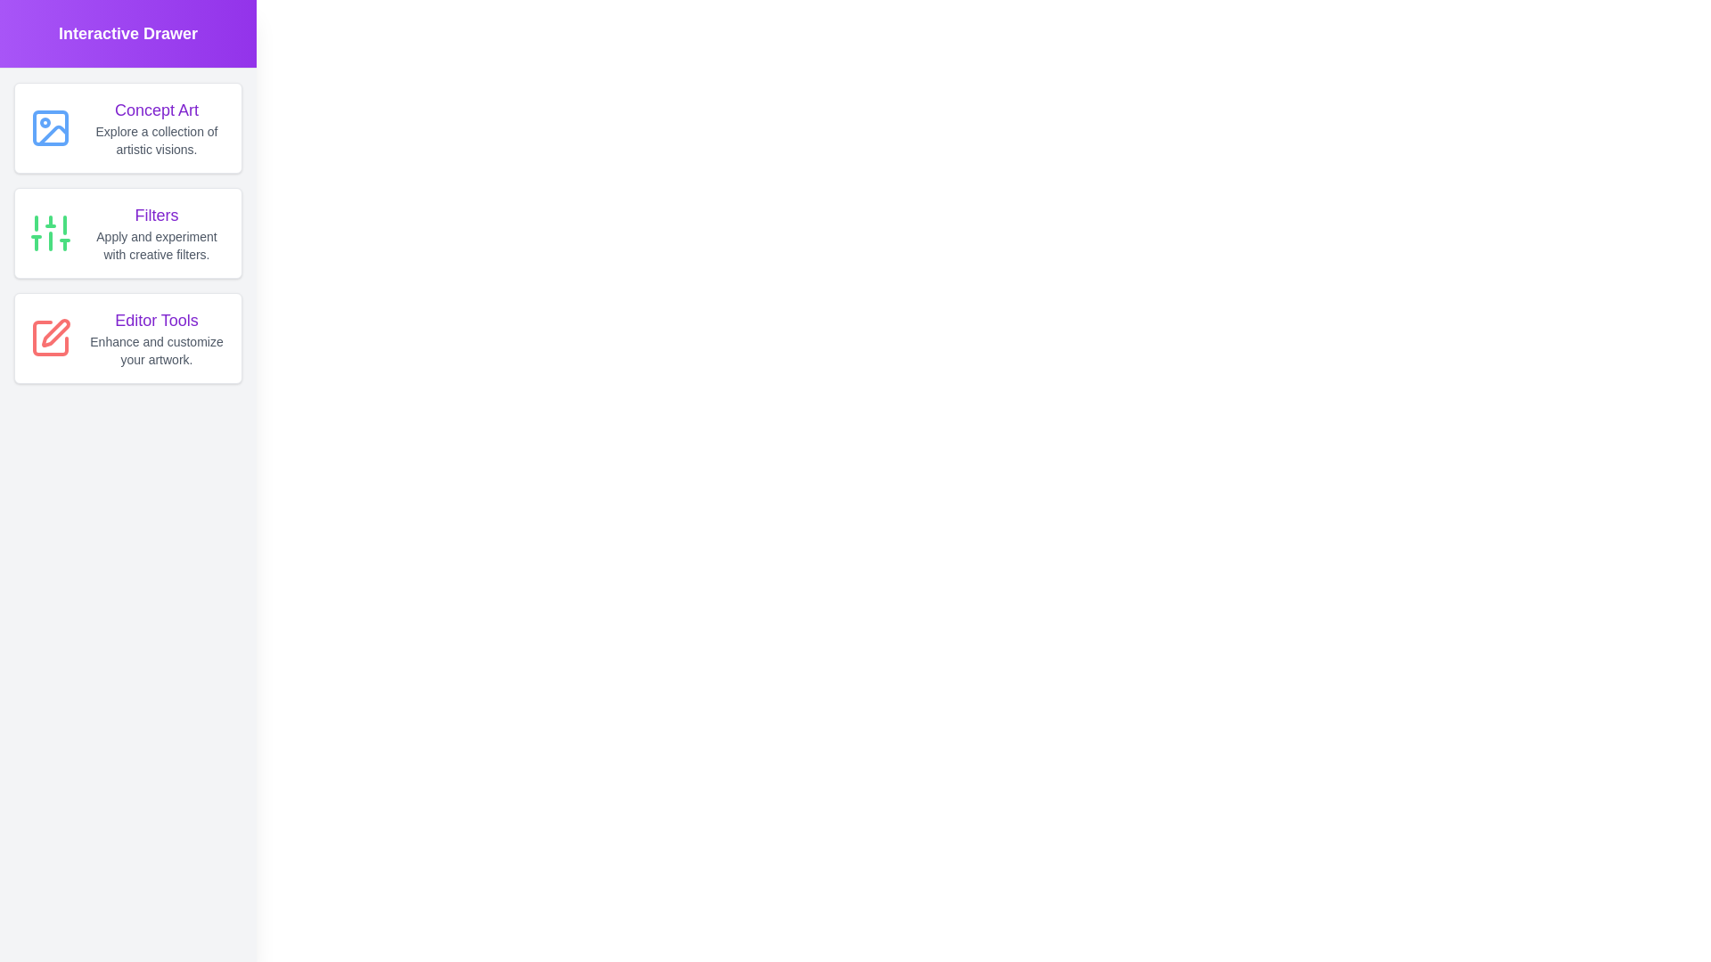  What do you see at coordinates (127, 338) in the screenshot?
I see `the item Editor Tools from the drawer list` at bounding box center [127, 338].